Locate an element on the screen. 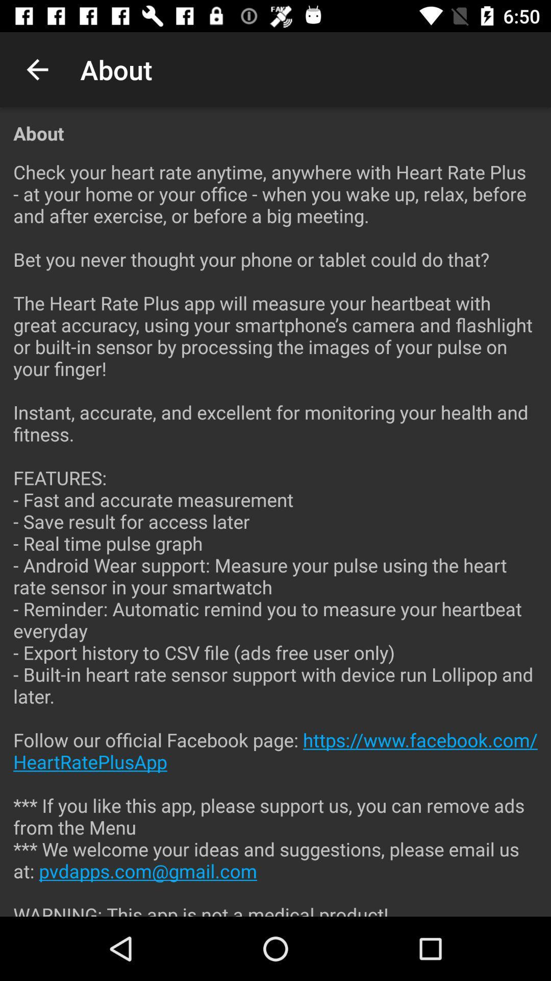  icon at the center is located at coordinates (275, 531).